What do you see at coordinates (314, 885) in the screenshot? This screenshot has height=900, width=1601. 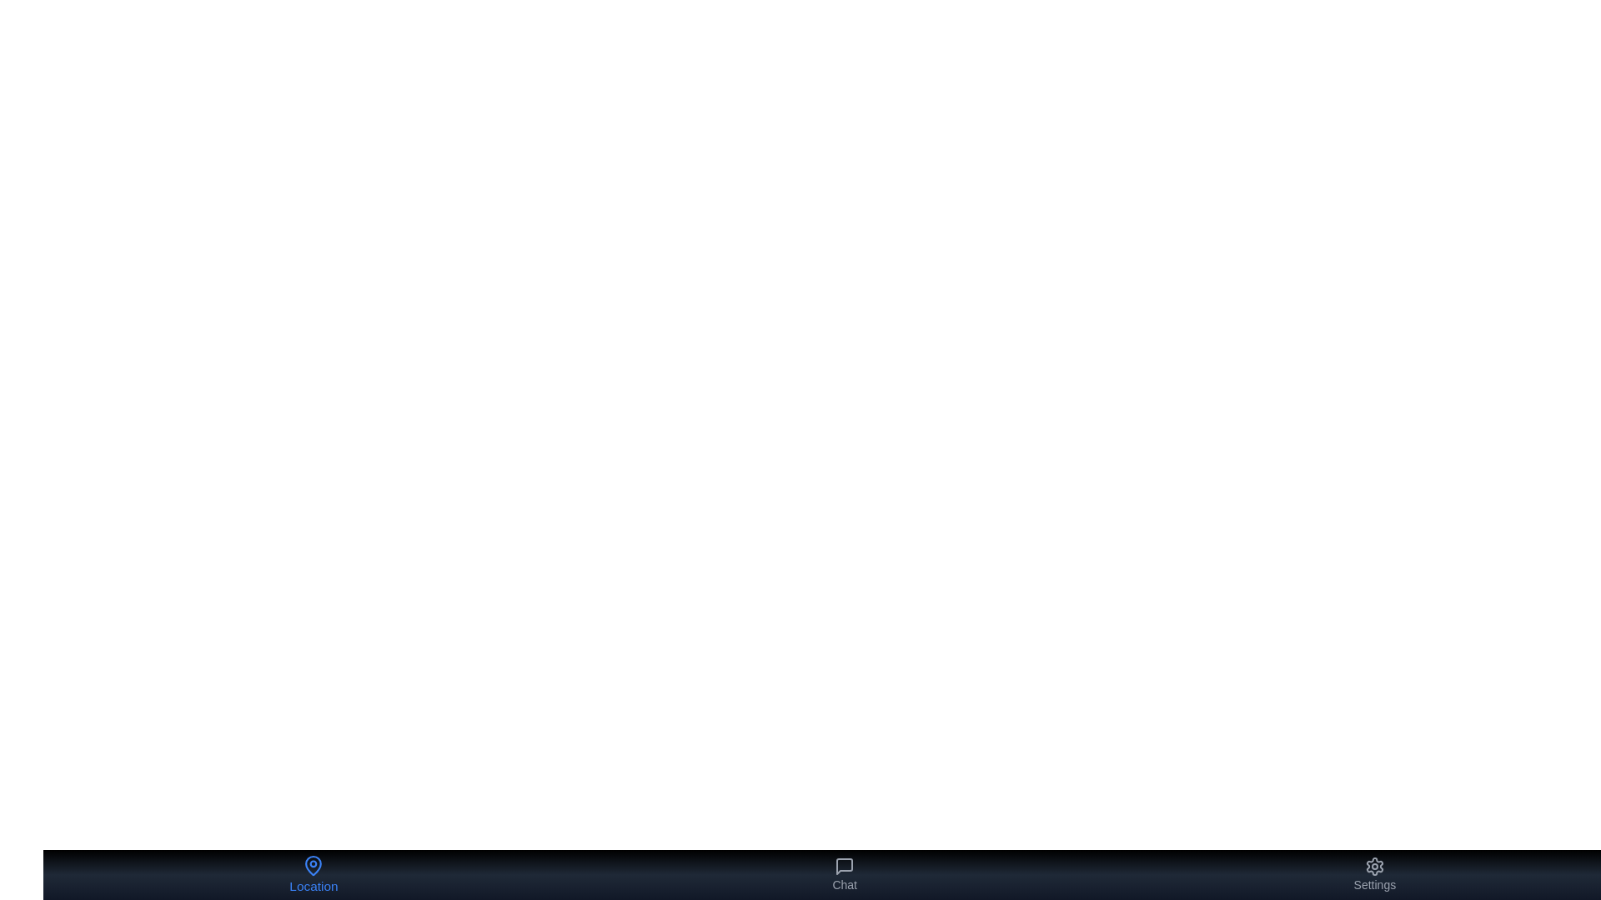 I see `the label under the button corresponding to Location` at bounding box center [314, 885].